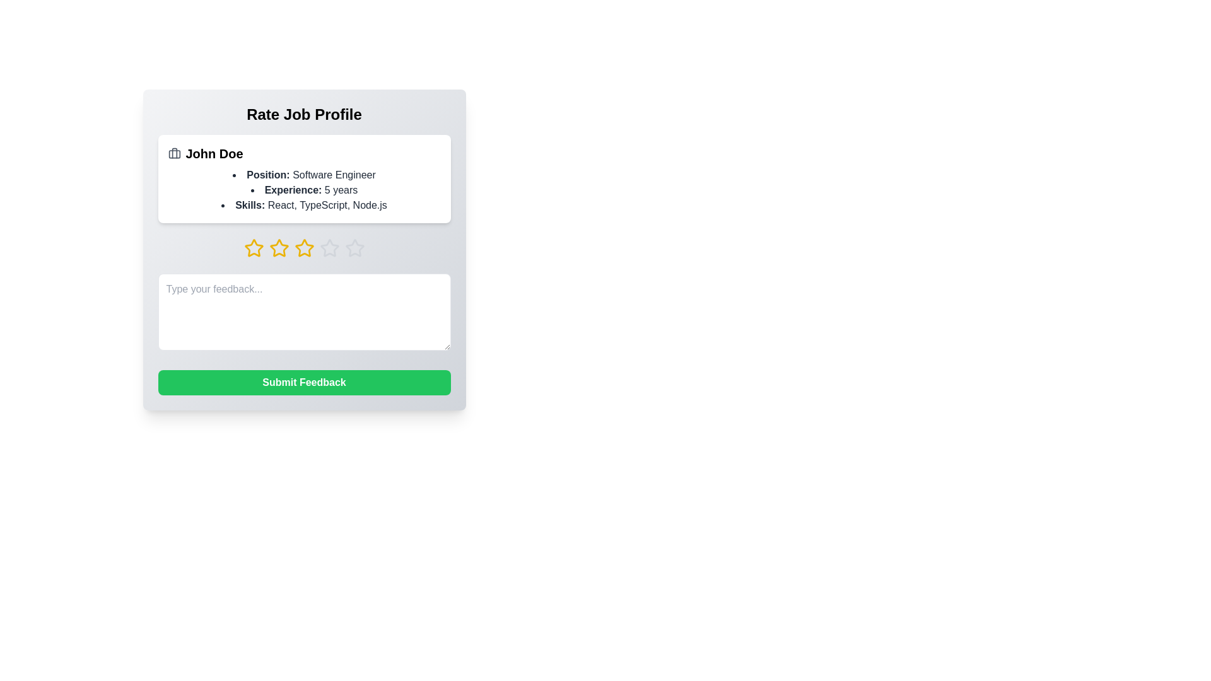 The image size is (1211, 681). What do you see at coordinates (304, 175) in the screenshot?
I see `descriptive text element that informs the user about the job title of the profile being reviewed, which is located above the experience and skills sections` at bounding box center [304, 175].